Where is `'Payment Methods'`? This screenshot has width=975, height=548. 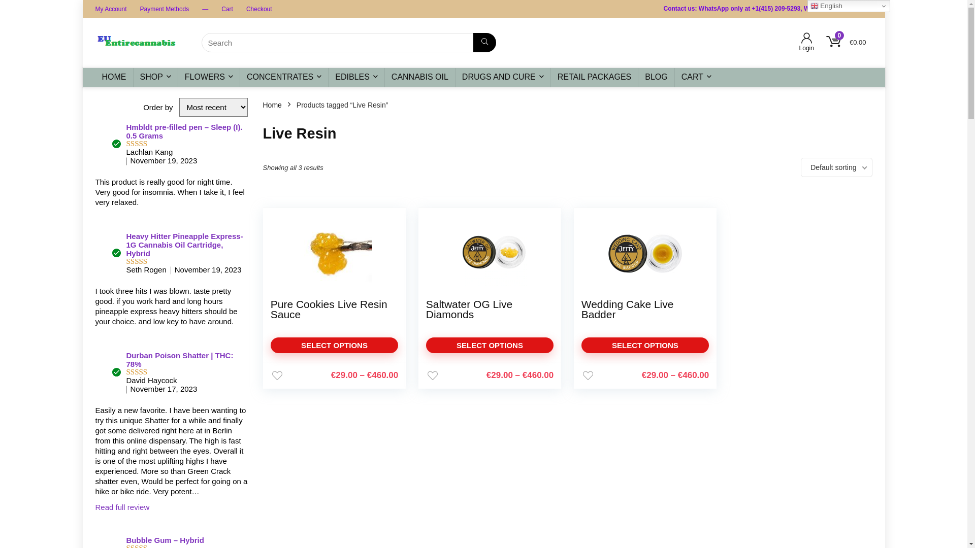 'Payment Methods' is located at coordinates (165, 8).